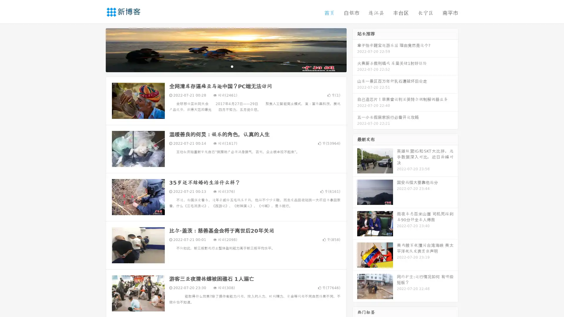 The width and height of the screenshot is (564, 317). What do you see at coordinates (355, 49) in the screenshot?
I see `Next slide` at bounding box center [355, 49].